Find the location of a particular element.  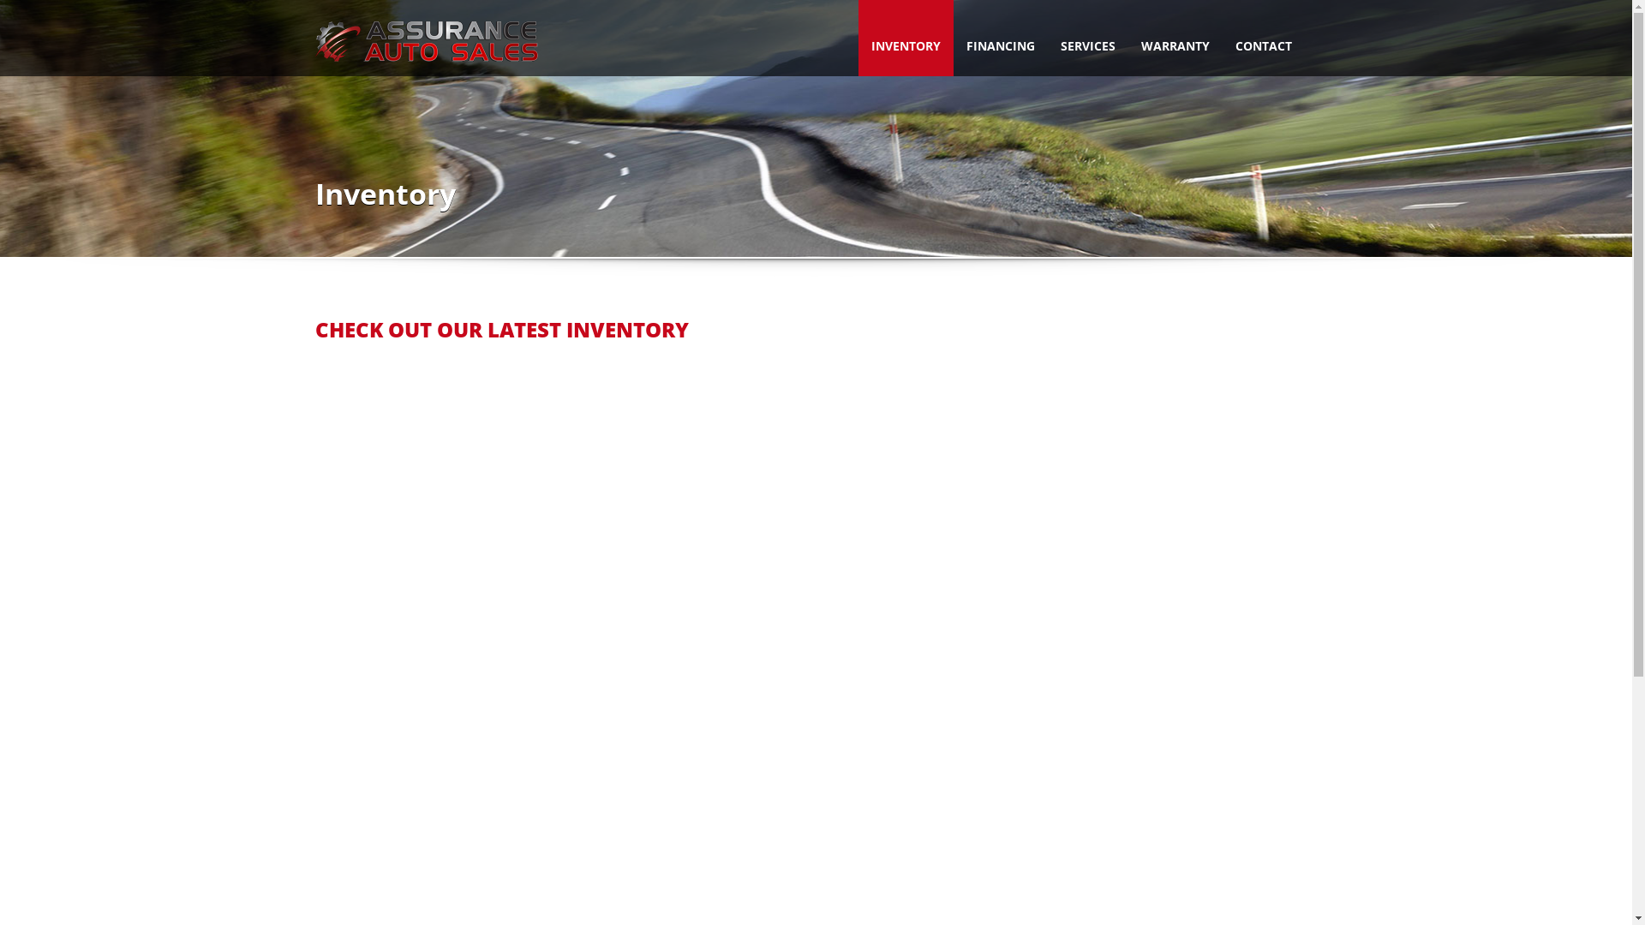

'FINANCING' is located at coordinates (952, 38).